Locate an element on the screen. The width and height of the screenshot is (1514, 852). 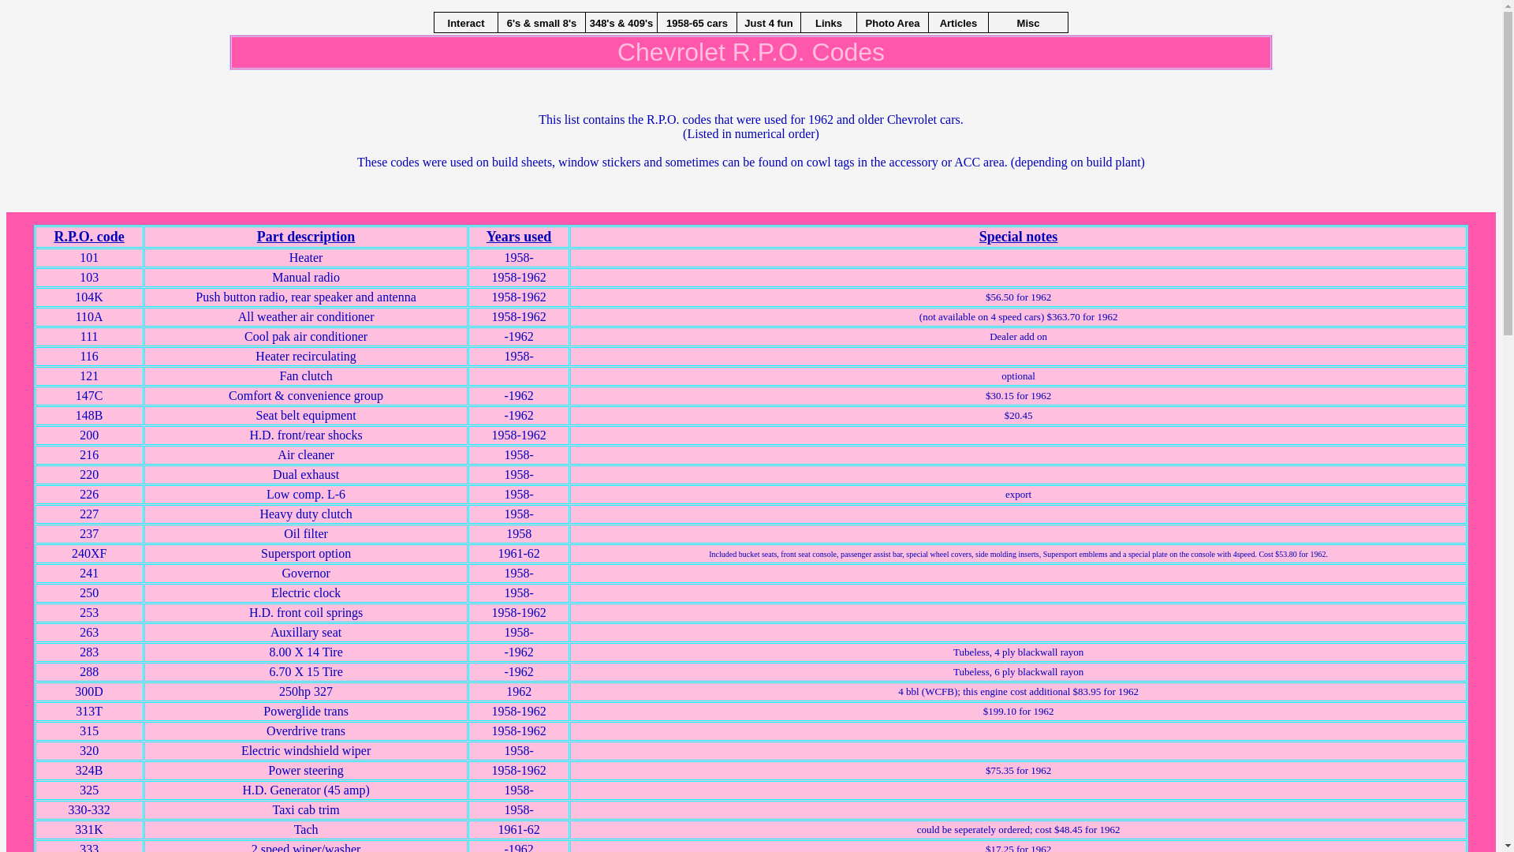
'Photo Area' is located at coordinates (893, 22).